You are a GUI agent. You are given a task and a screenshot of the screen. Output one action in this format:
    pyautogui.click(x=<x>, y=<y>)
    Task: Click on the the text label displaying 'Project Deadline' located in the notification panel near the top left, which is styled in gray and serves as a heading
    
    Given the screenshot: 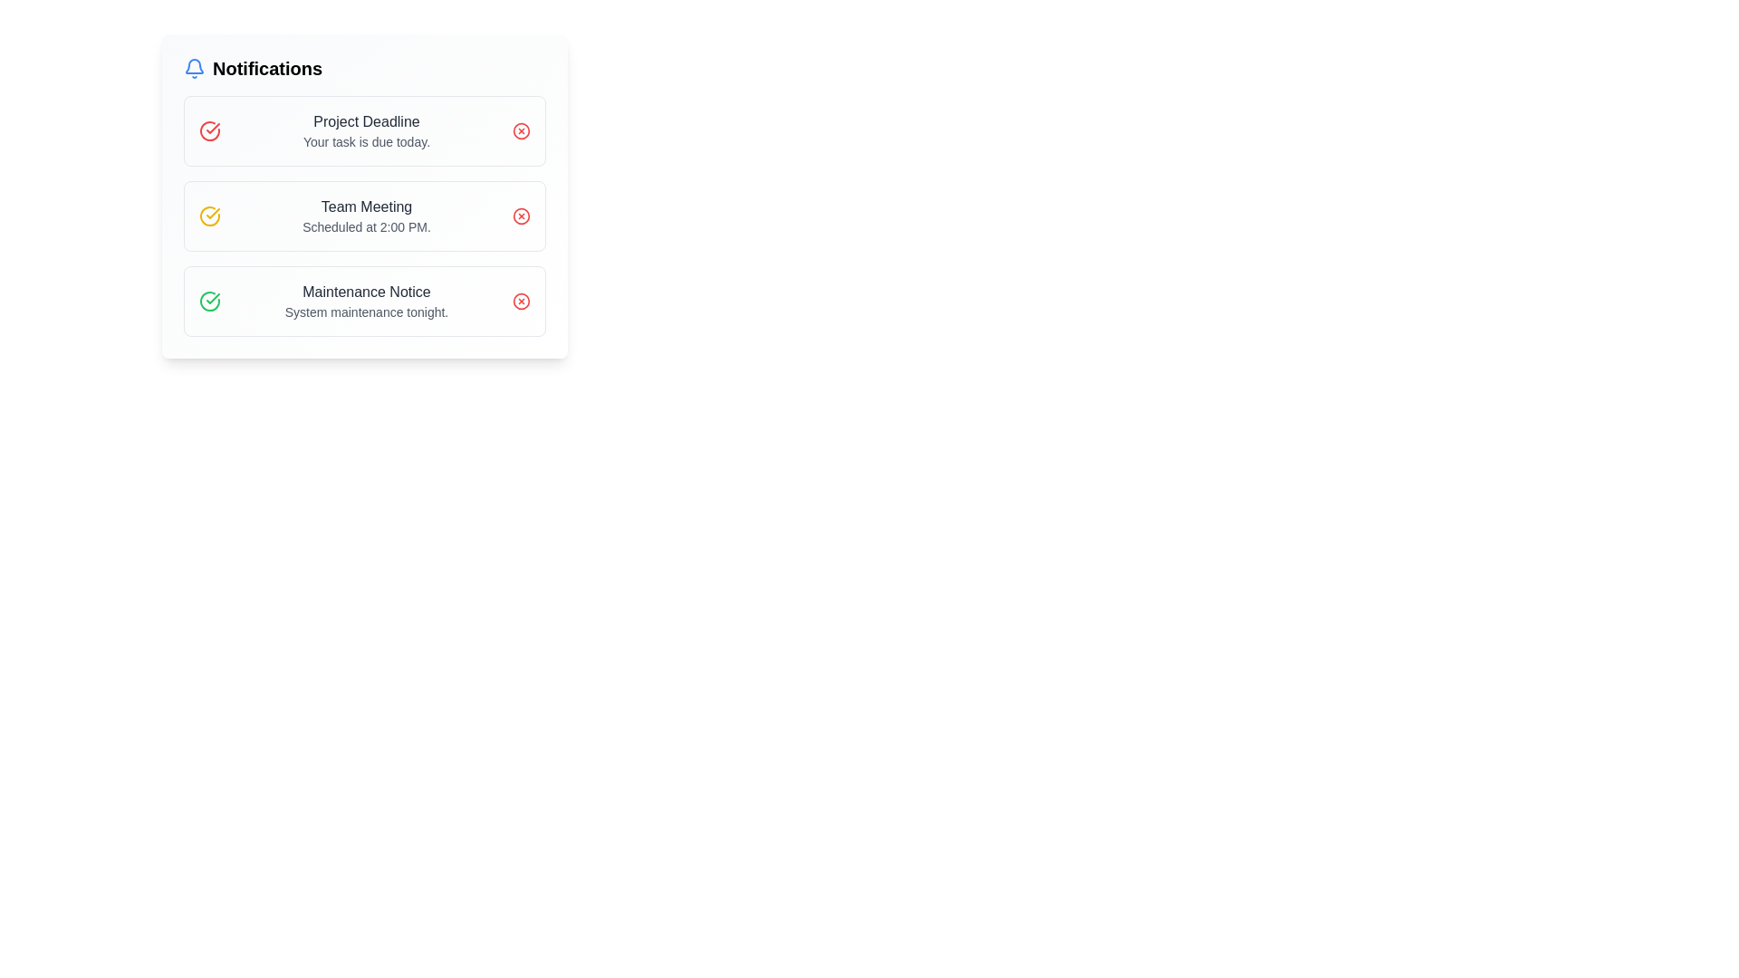 What is the action you would take?
    pyautogui.click(x=365, y=122)
    